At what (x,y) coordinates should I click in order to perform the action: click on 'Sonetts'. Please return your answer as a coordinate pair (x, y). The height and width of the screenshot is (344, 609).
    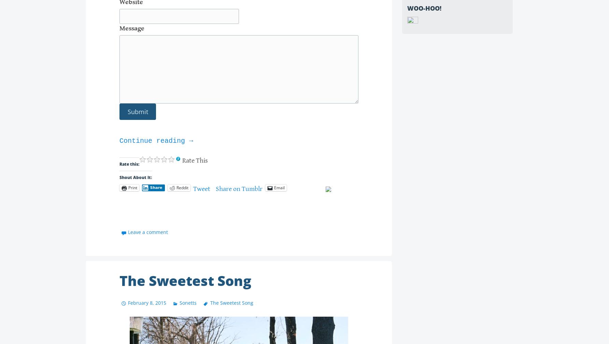
    Looking at the image, I should click on (188, 302).